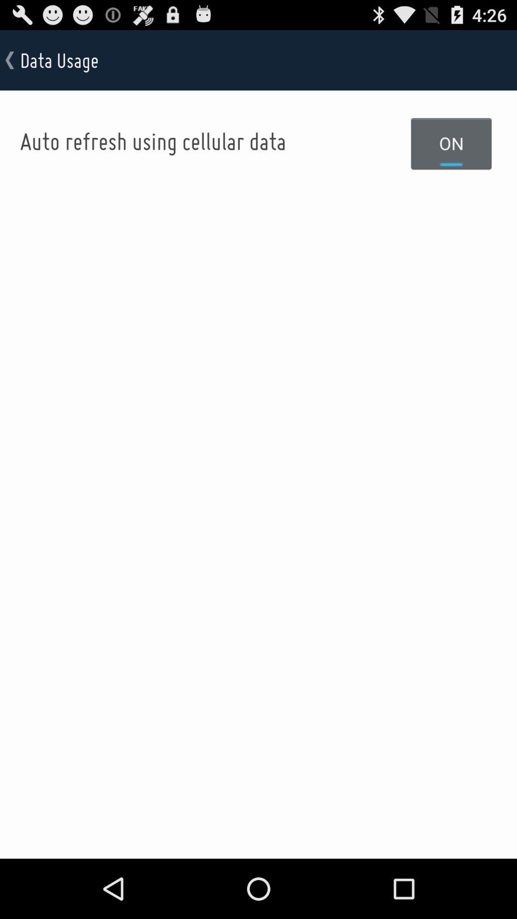 The image size is (517, 919). I want to click on the on item, so click(451, 143).